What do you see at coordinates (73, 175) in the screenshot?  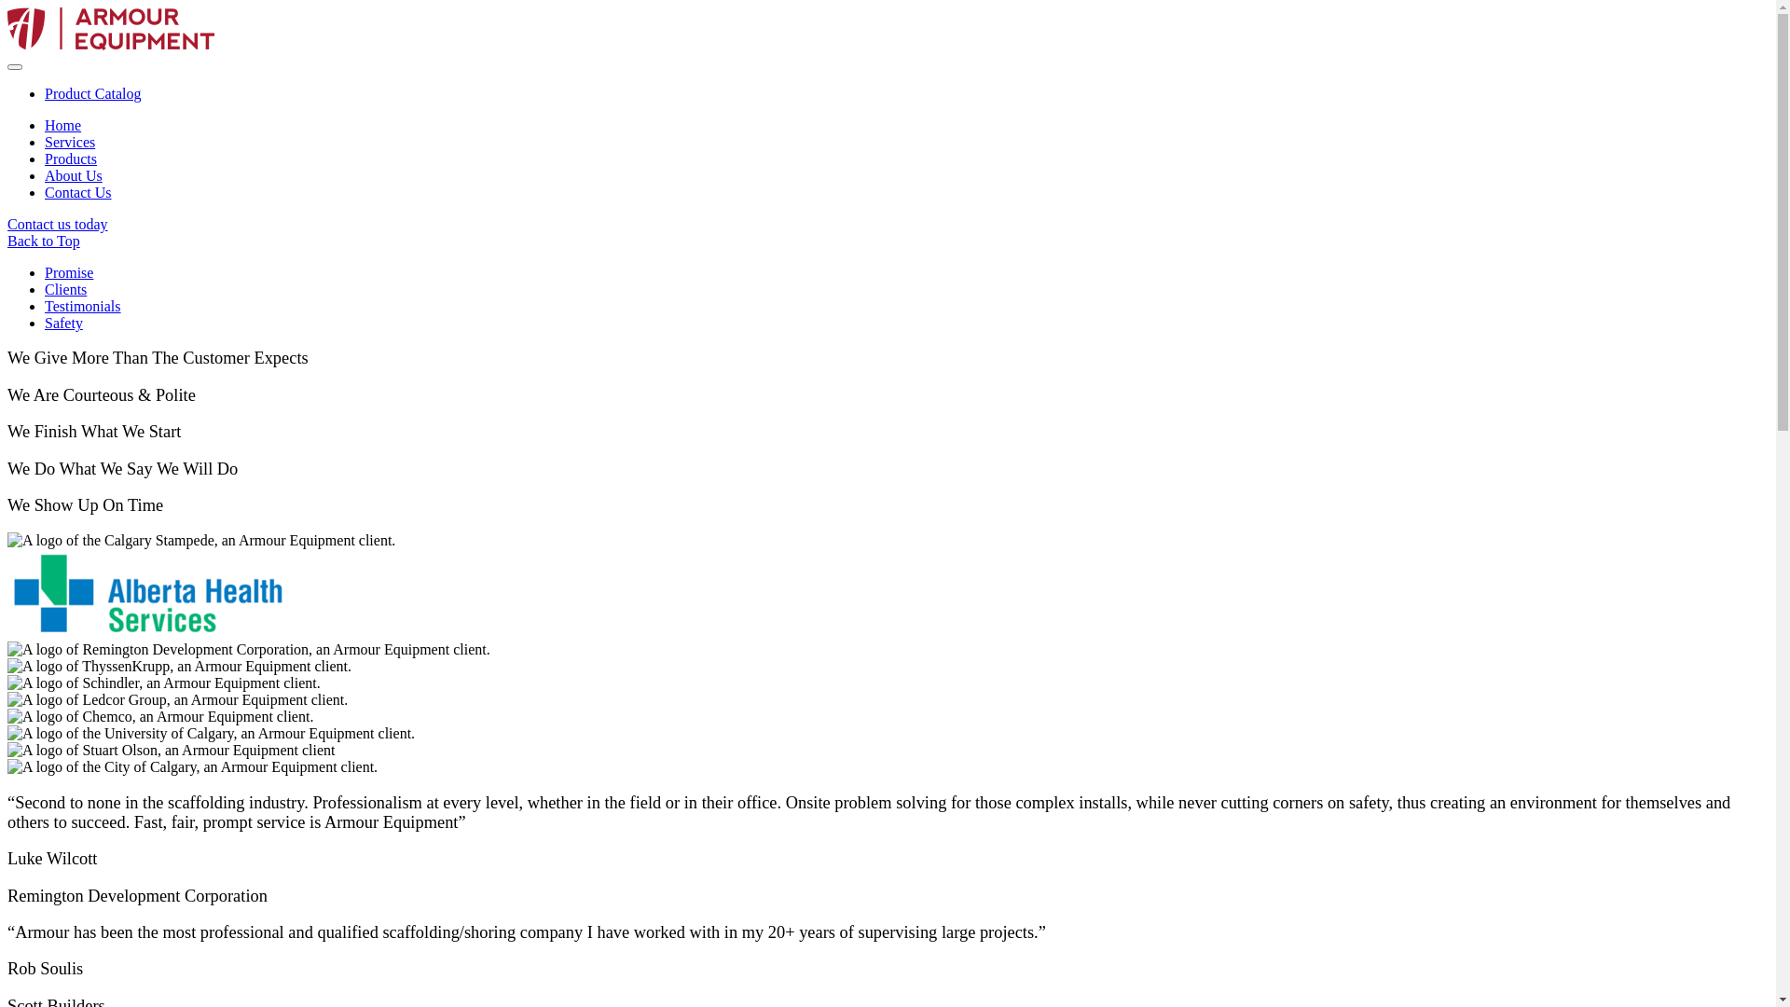 I see `'About Us'` at bounding box center [73, 175].